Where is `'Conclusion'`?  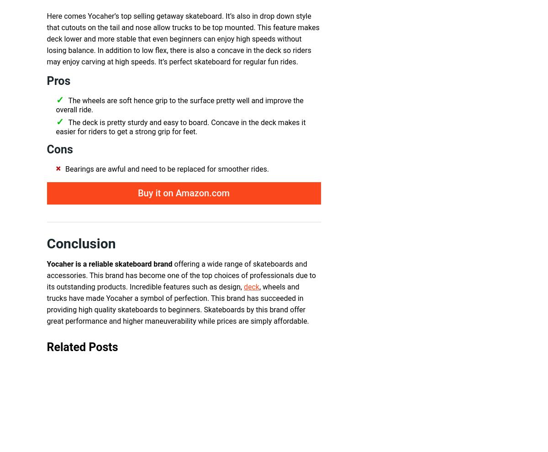
'Conclusion' is located at coordinates (80, 243).